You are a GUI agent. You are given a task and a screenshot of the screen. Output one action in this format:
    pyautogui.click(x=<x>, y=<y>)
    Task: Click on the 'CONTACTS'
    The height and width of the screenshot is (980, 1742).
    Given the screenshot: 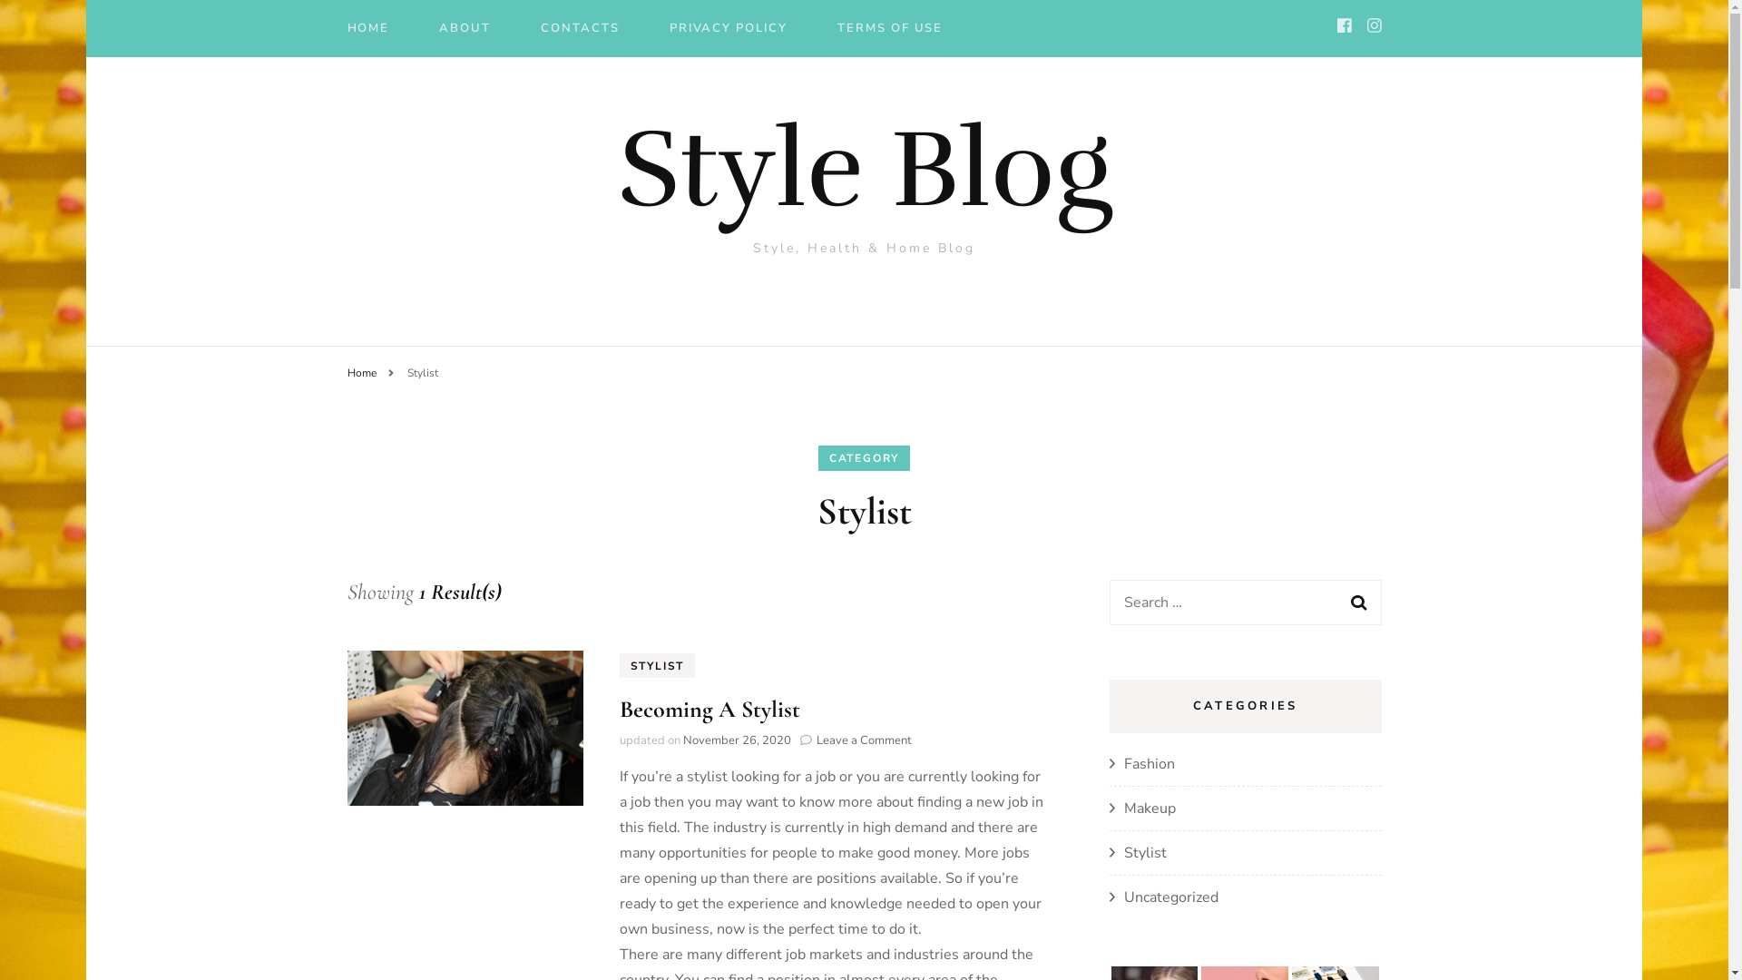 What is the action you would take?
    pyautogui.click(x=539, y=30)
    